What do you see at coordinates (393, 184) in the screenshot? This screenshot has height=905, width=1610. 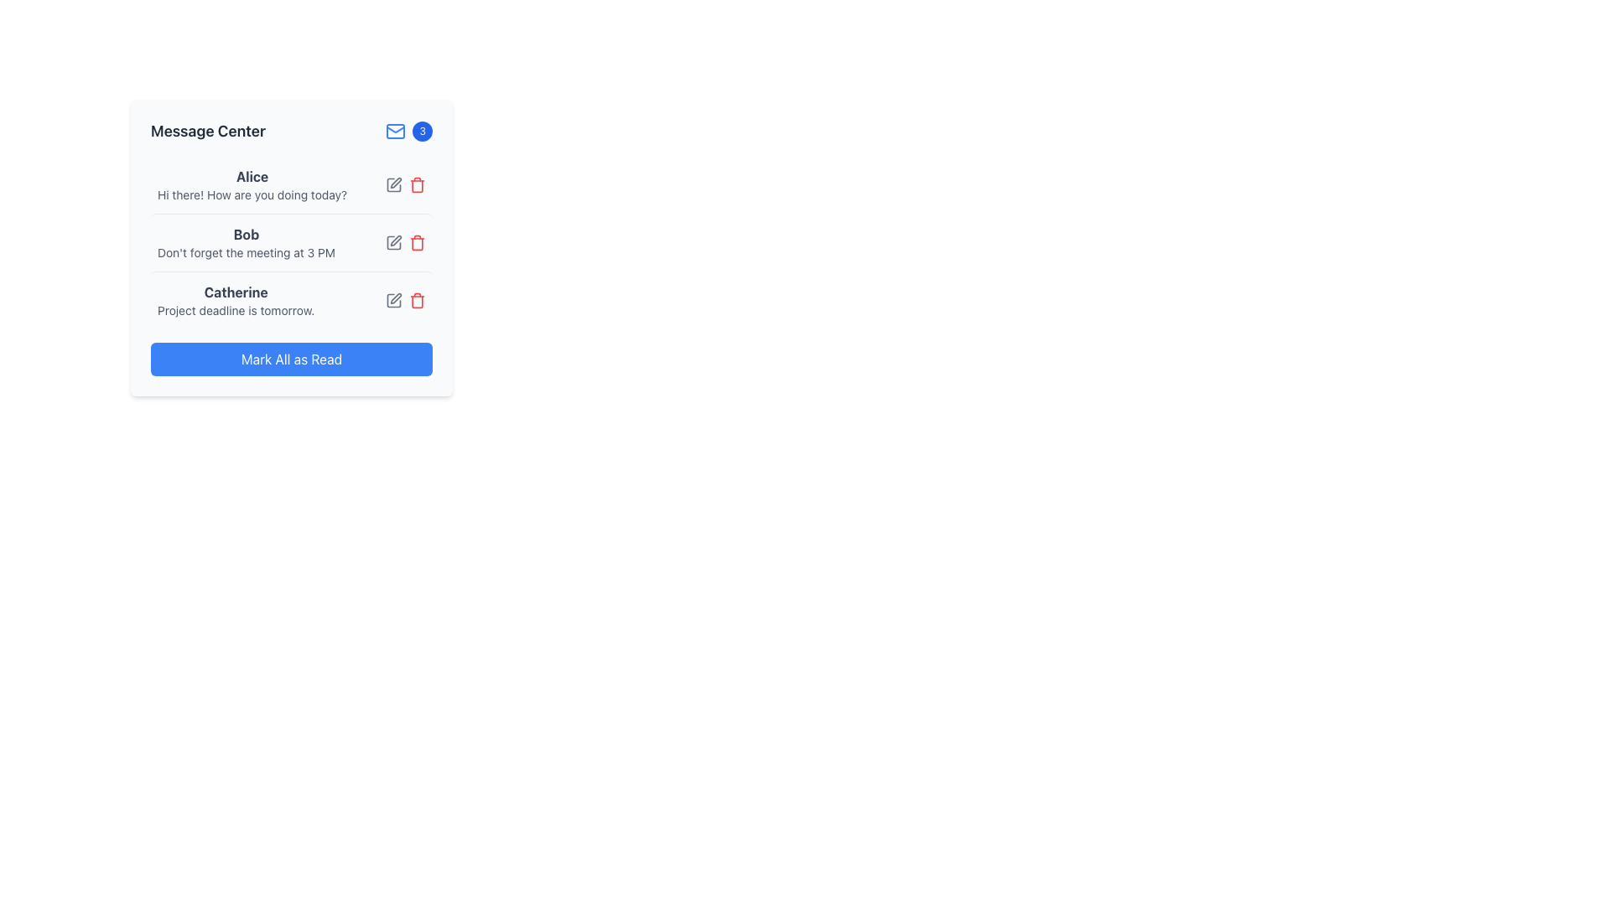 I see `the gray pen icon representing the edit action located to the right of Alice's message` at bounding box center [393, 184].